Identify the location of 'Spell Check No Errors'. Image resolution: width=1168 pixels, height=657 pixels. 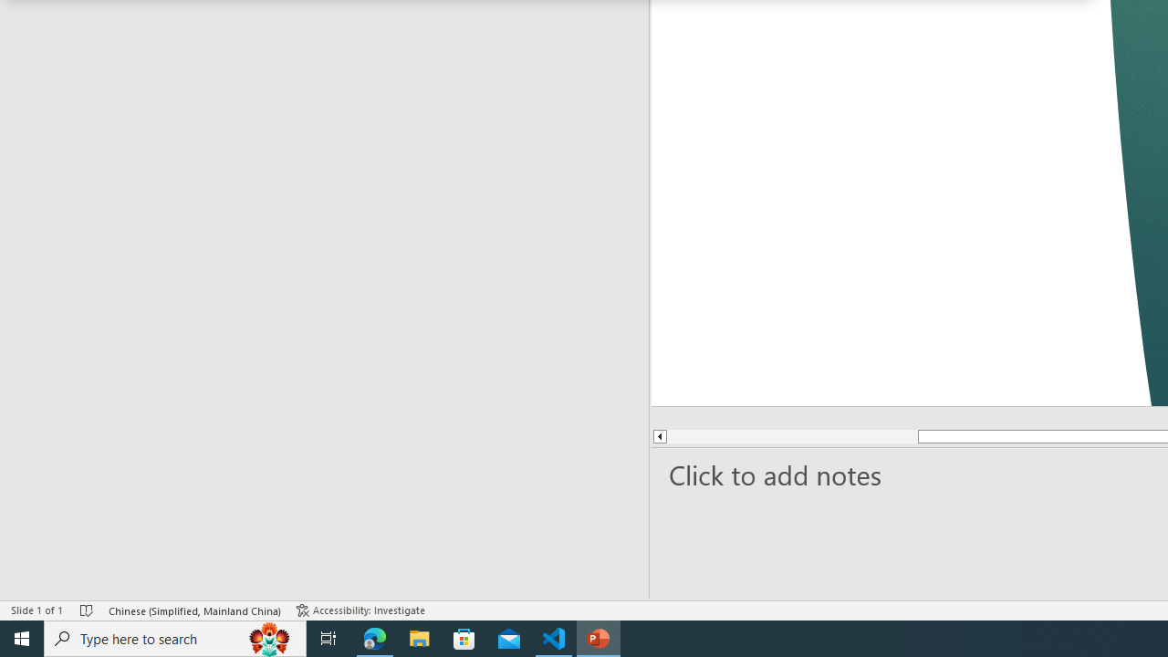
(87, 610).